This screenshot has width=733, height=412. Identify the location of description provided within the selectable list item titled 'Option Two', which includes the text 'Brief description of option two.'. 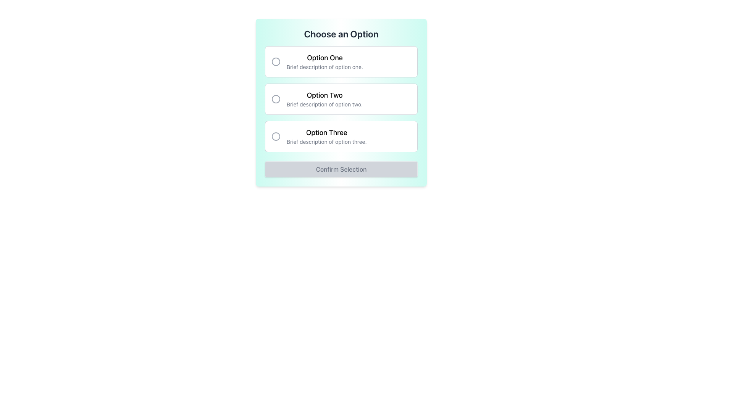
(341, 98).